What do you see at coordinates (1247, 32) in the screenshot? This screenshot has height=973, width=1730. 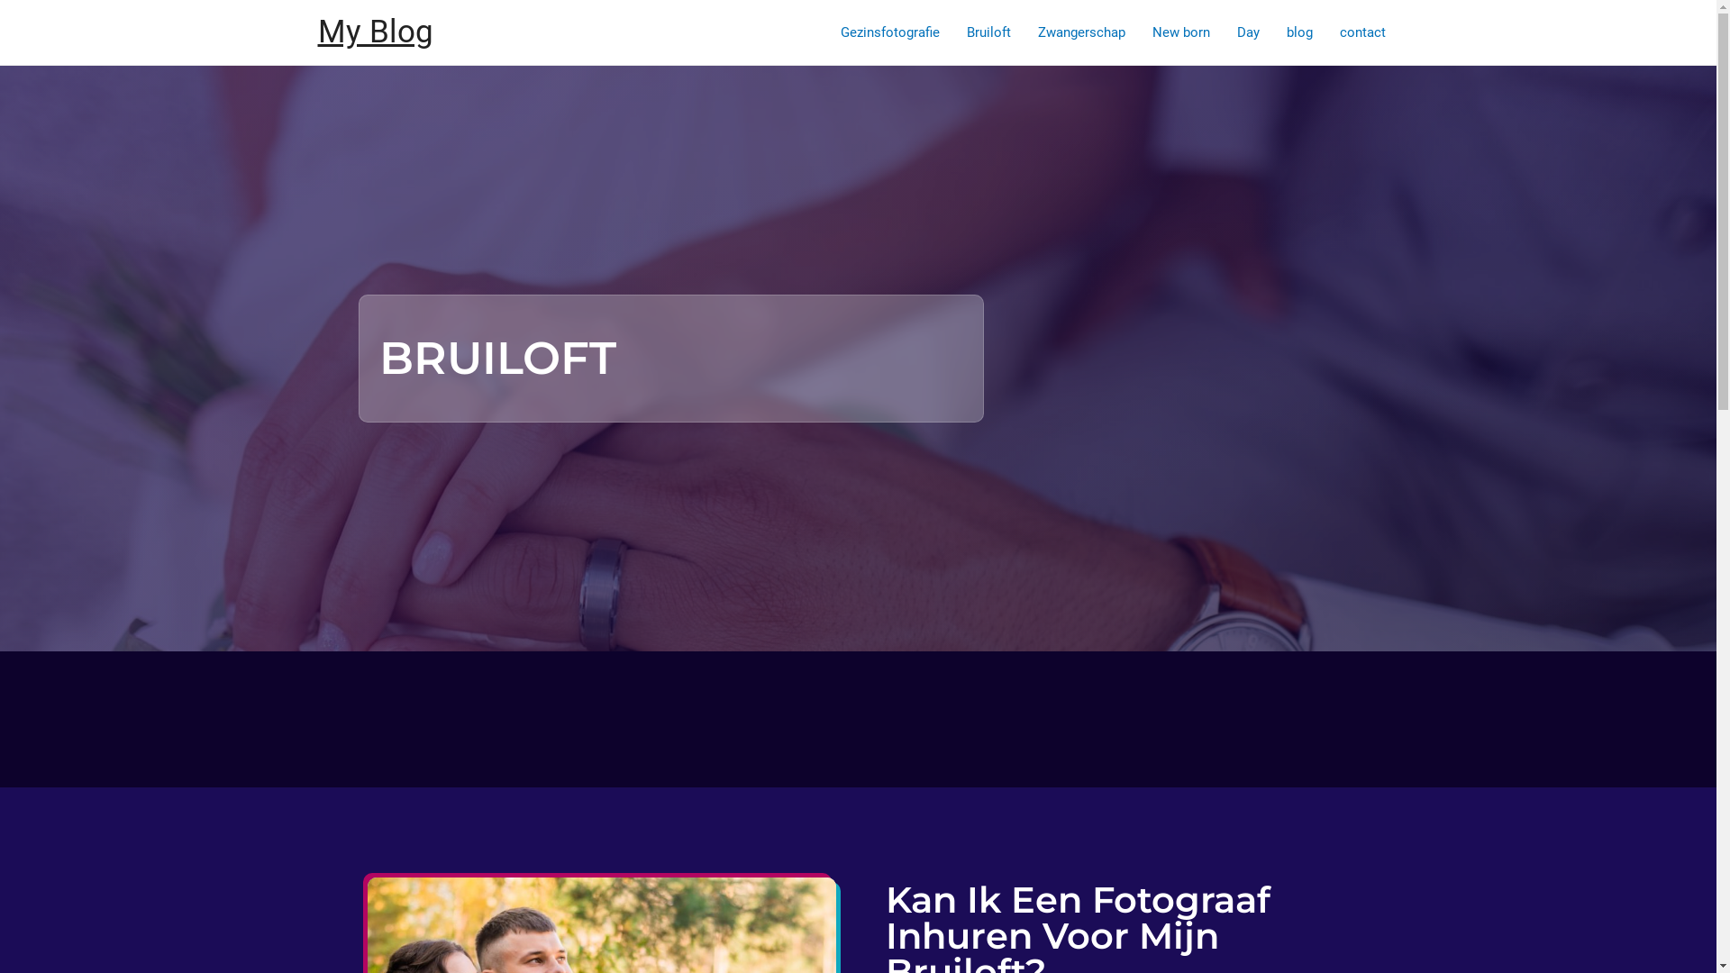 I see `'Day'` at bounding box center [1247, 32].